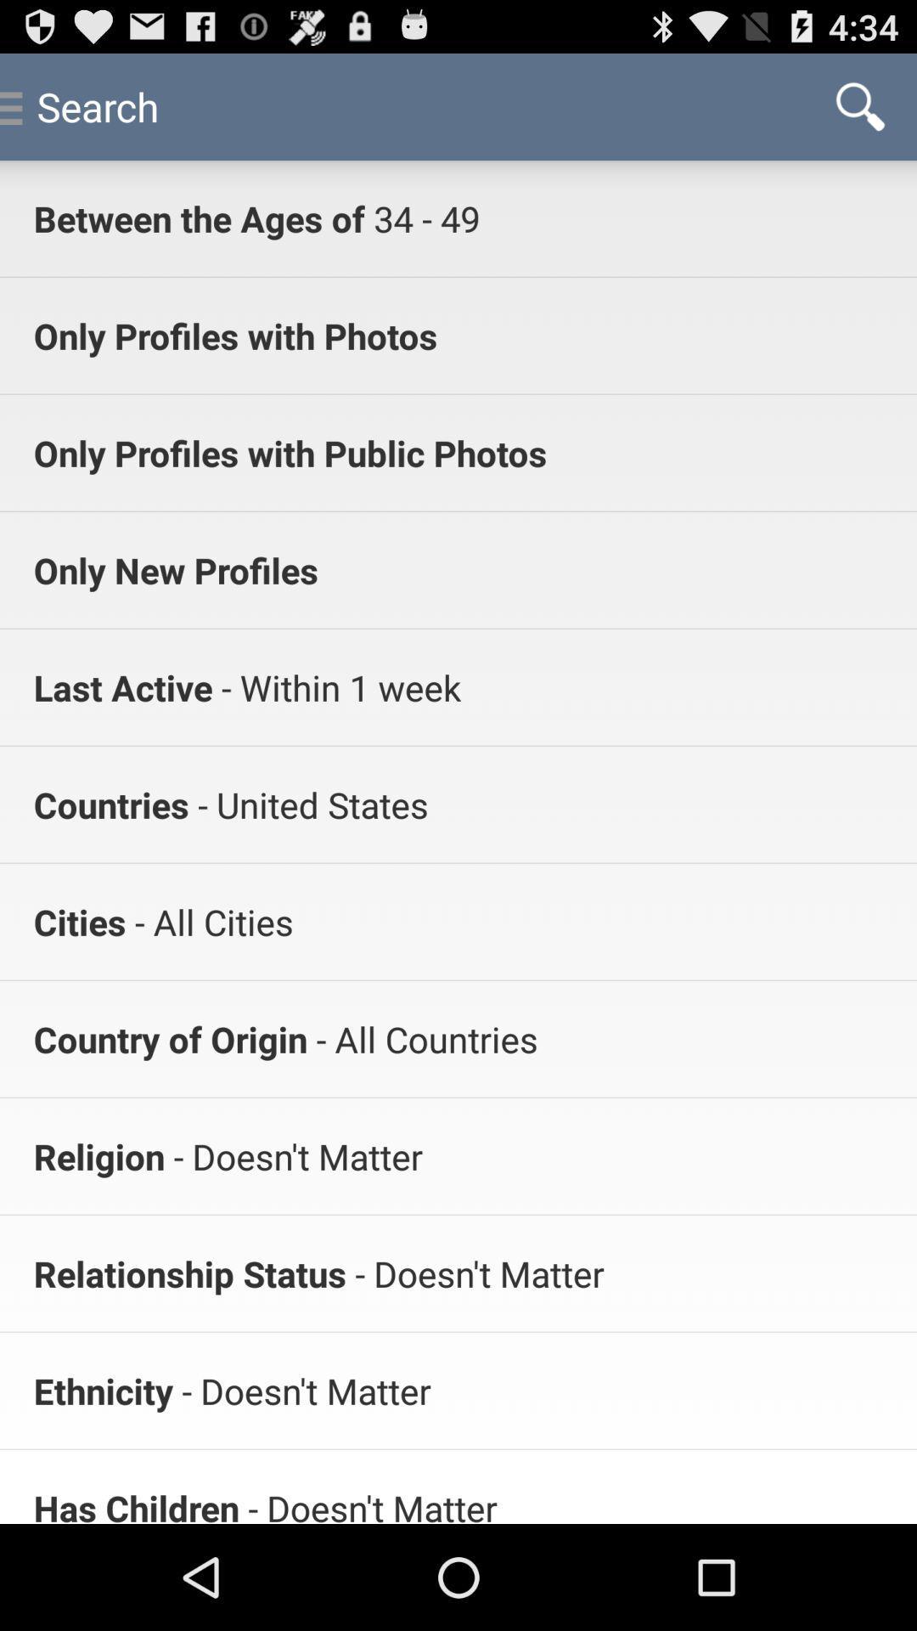 This screenshot has width=917, height=1631. I want to click on the app to the right of between the ages icon, so click(421, 217).